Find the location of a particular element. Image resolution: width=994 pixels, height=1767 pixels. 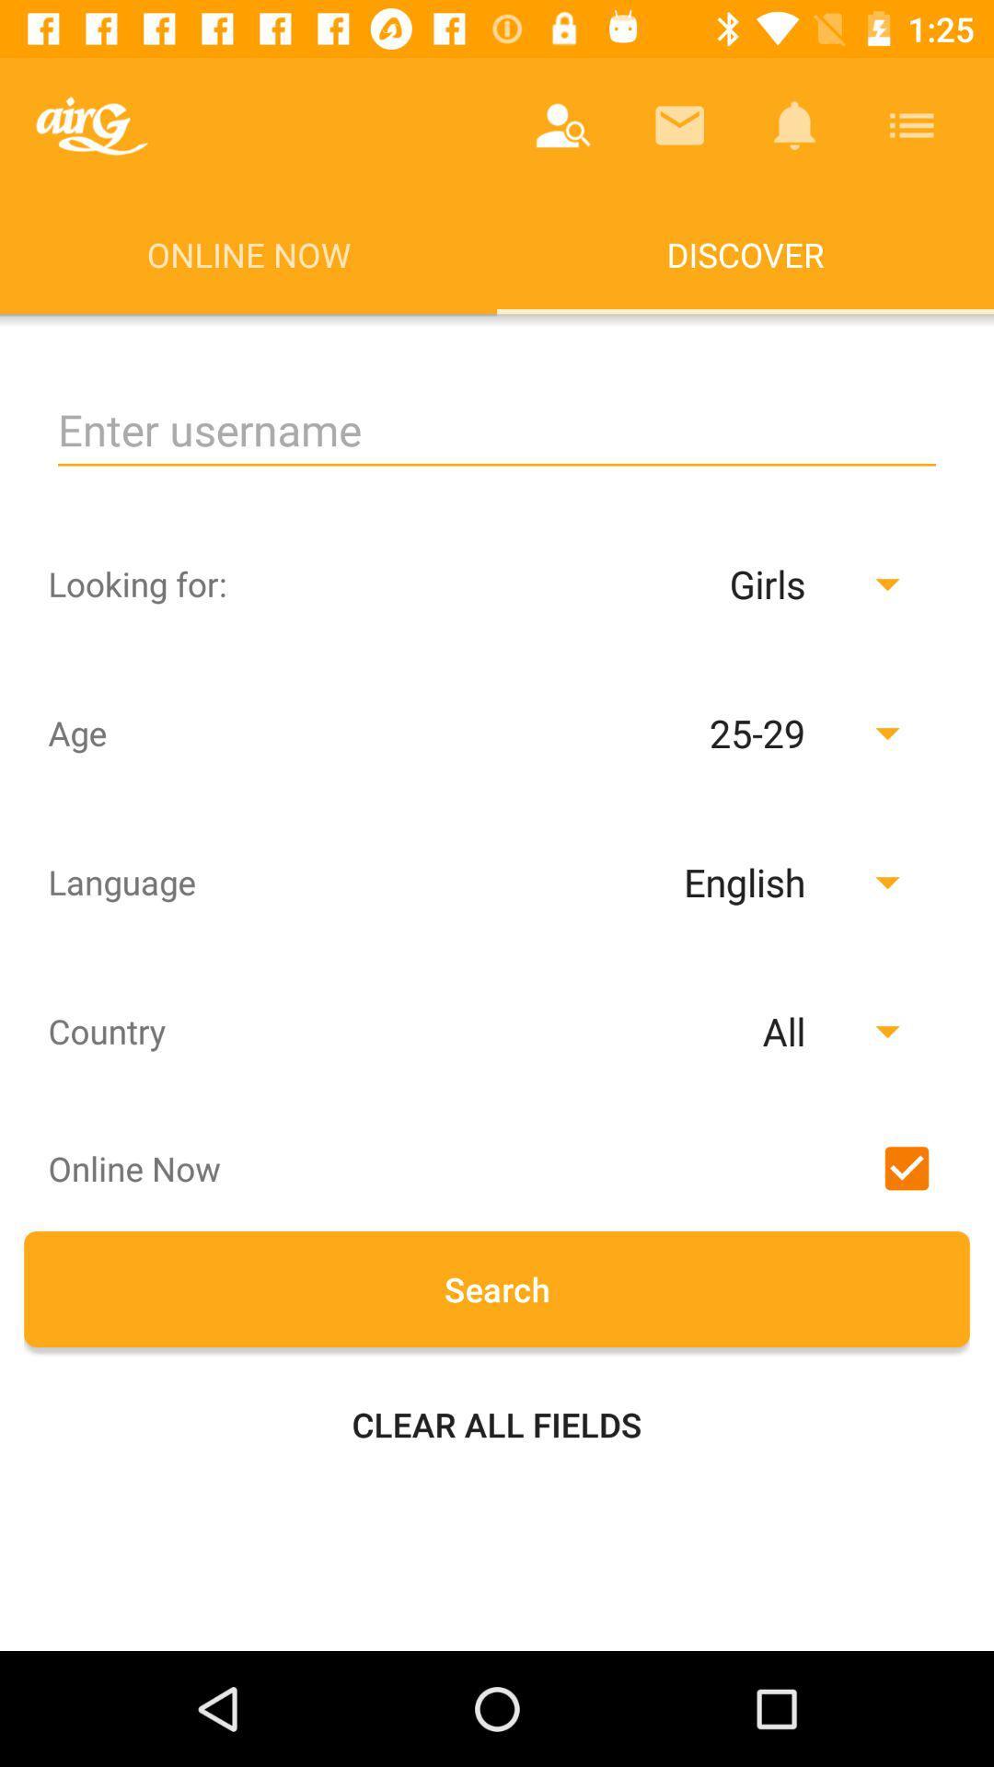

item above online now app is located at coordinates (91, 124).